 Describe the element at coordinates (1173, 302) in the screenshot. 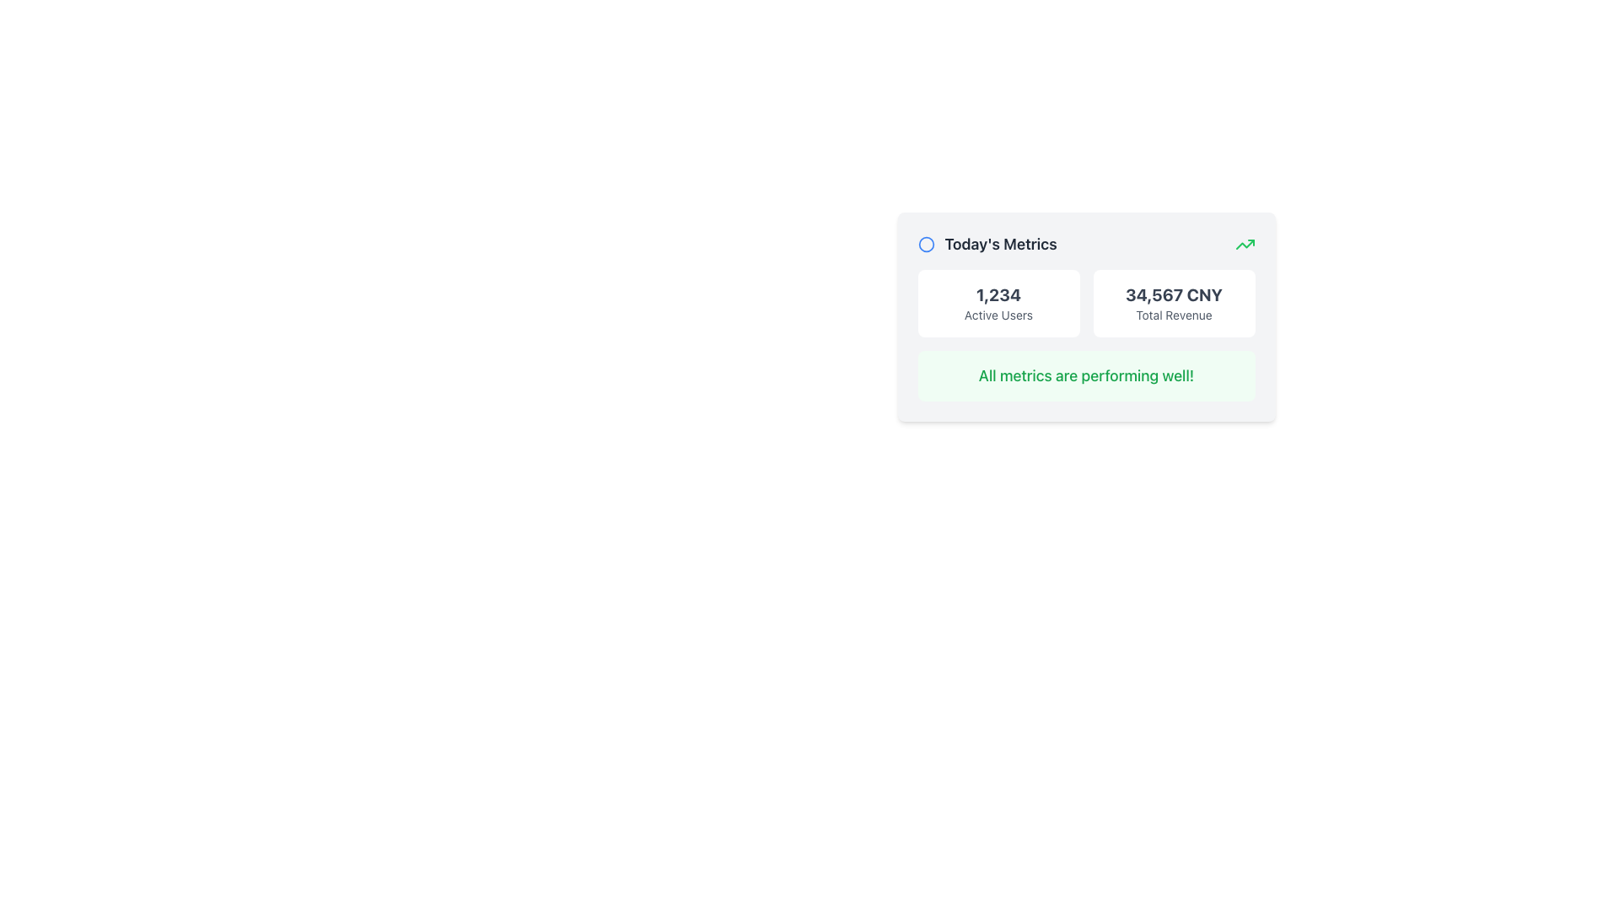

I see `displayed financial metric '34,567 CNY' from the Text Display Card, which is a rounded rectangular card showing total revenue in bold dark gray text` at that location.